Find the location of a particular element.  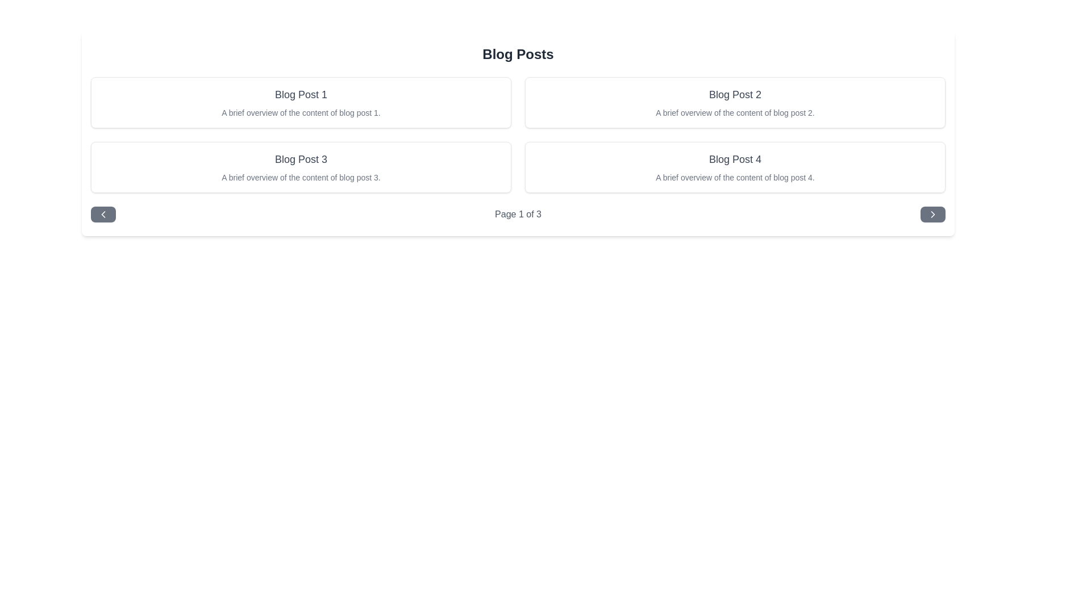

the text label displaying 'Blog Post 4' which is a larger, bolded font in dark gray, located in the lower right quadrant of the blog post grid layout is located at coordinates (735, 159).